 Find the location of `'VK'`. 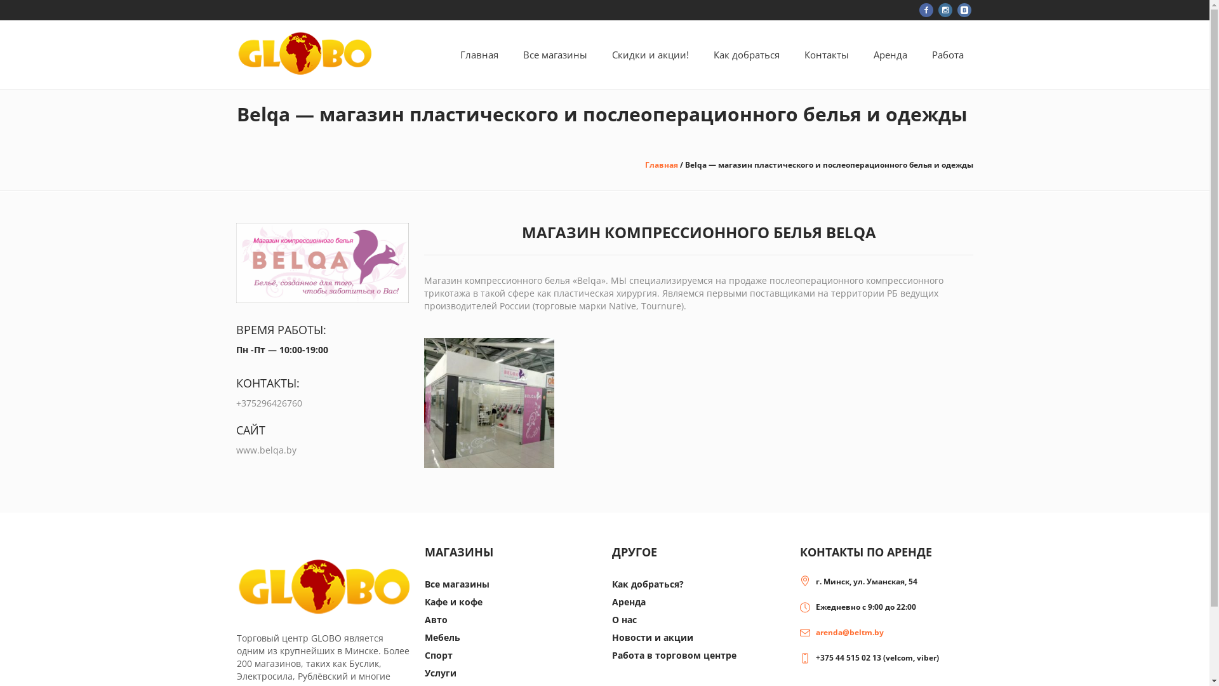

'VK' is located at coordinates (957, 10).